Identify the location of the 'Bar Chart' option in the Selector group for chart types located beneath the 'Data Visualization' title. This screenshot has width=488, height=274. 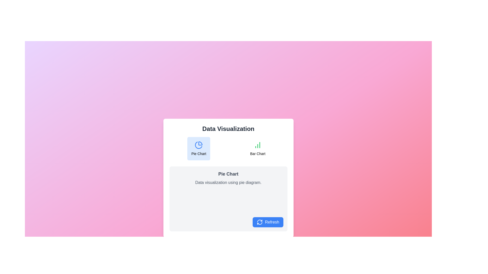
(228, 148).